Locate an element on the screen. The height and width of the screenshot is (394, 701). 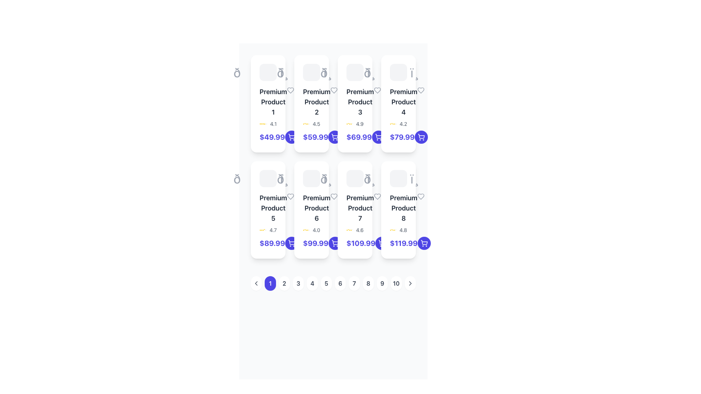
the first star icon representing a 4.6 rating score for the product 'Premium Product 7' in the second row of the grid interface is located at coordinates (346, 230).